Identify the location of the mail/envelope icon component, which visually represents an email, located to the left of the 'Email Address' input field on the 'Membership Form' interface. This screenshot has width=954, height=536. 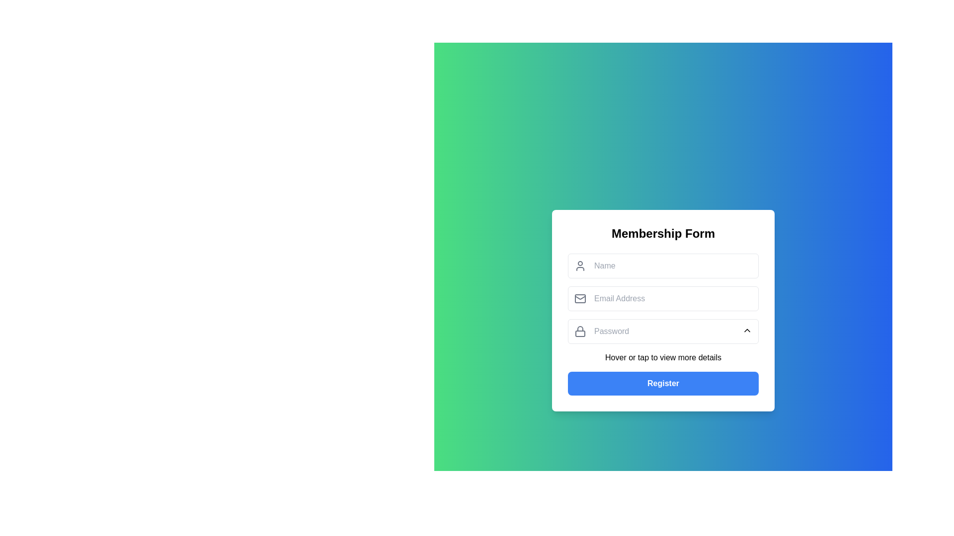
(580, 298).